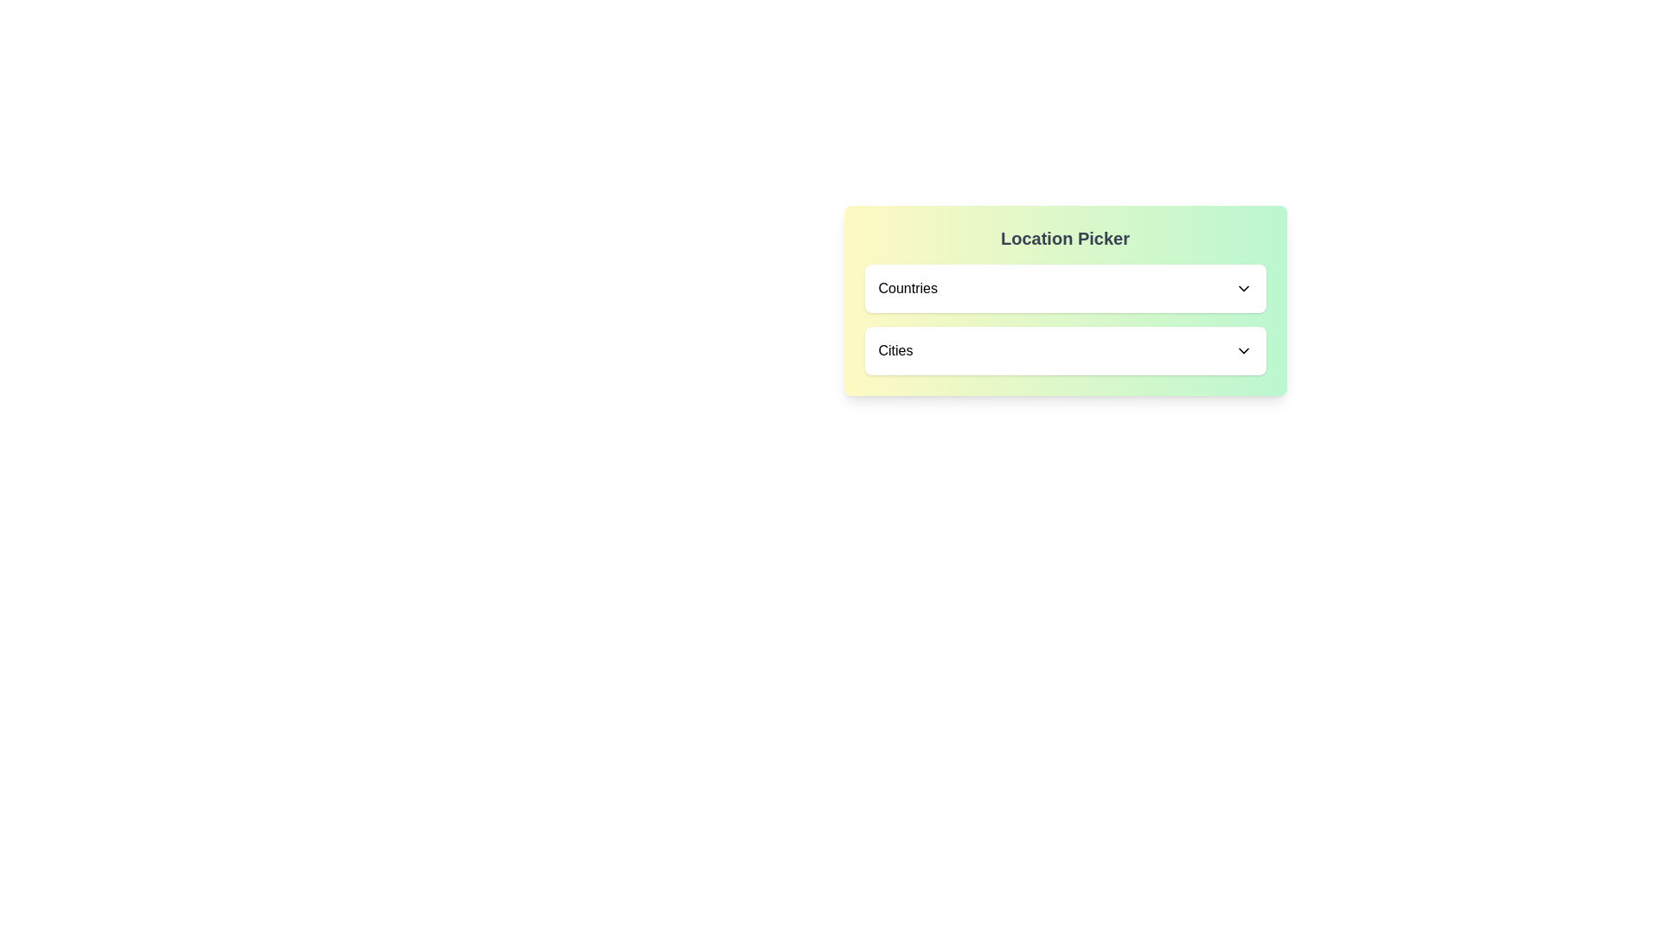 The height and width of the screenshot is (934, 1661). I want to click on the 'Countries' dropdown menu, so click(1064, 288).